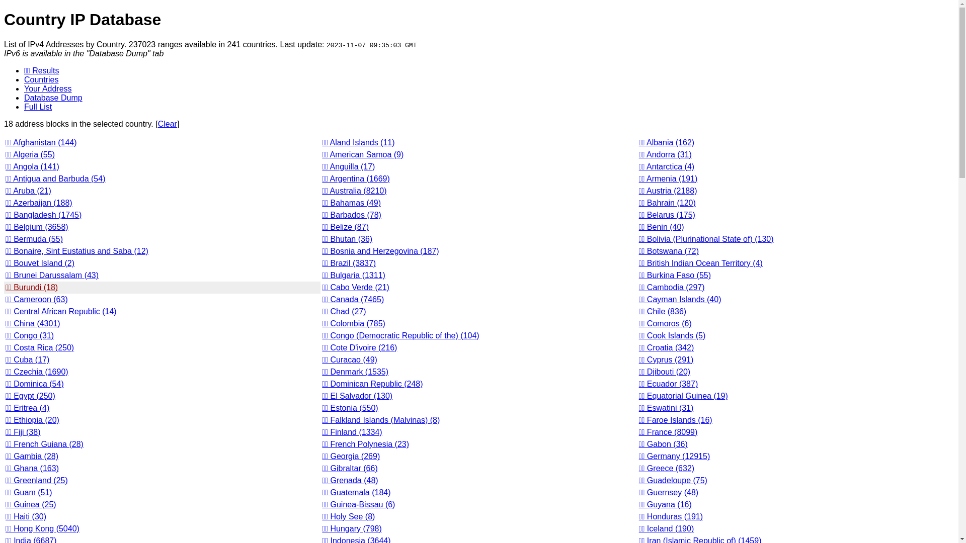 Image resolution: width=966 pixels, height=543 pixels. I want to click on 'Your Address', so click(47, 88).